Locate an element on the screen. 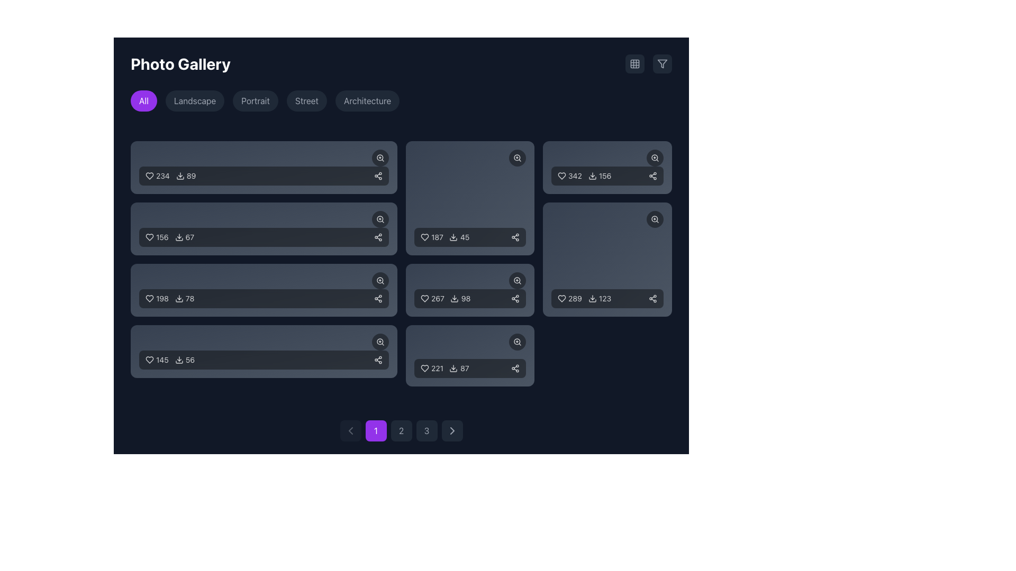  the Text Label displaying the number of downloads related to the associated item in the gallery, located next to the download icon in the third item of the grid layout is located at coordinates (190, 298).